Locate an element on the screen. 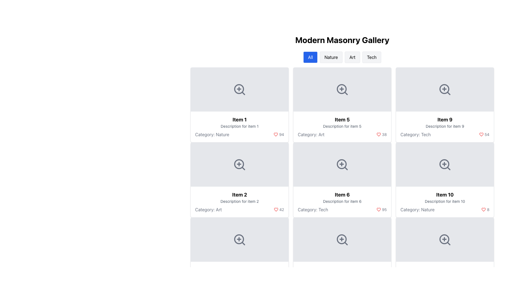 This screenshot has width=527, height=296. the static text label reading 'Description for item 1', which is styled in a small, gray font and positioned below the 'Item 1' label within the card structure is located at coordinates (240, 126).